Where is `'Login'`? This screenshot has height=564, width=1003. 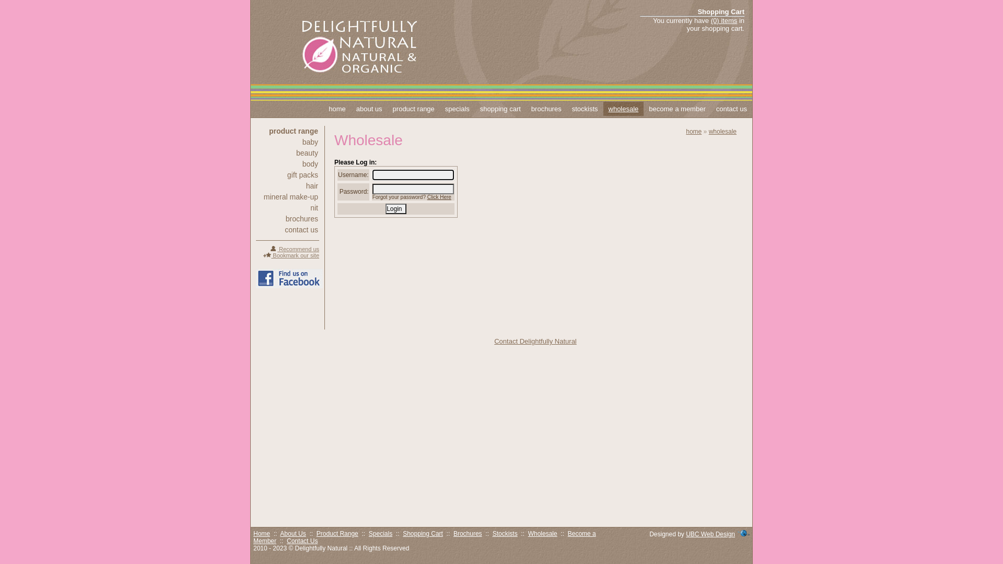 'Login' is located at coordinates (395, 209).